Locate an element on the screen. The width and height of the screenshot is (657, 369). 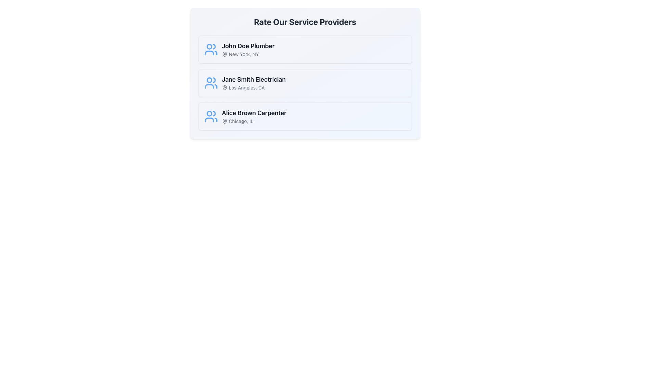
the static text label element displaying 'Alice Brown Carpenter', which is styled in bold and larger font, indicating its importance, and is positioned above the smaller text 'Chicago, IL' and a map pin icon is located at coordinates (254, 113).